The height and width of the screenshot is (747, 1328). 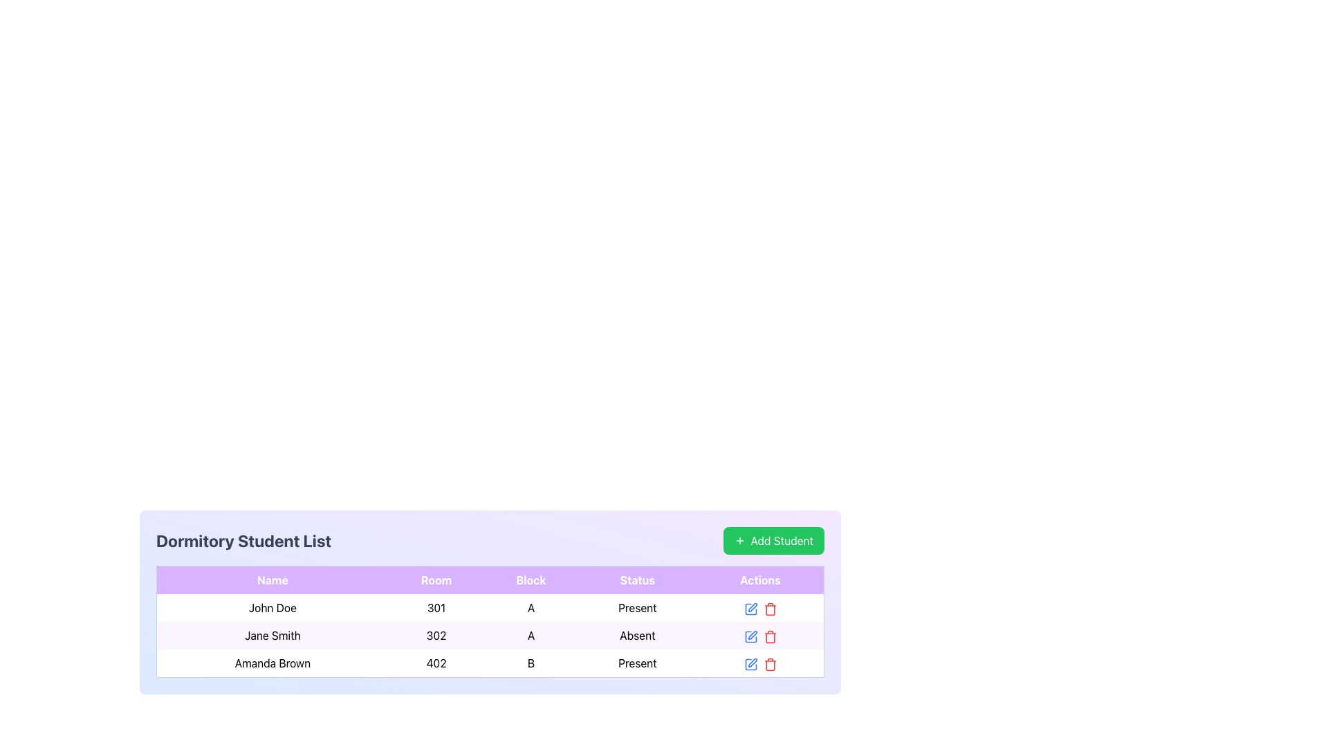 I want to click on the pen icon button in the 'Actions' column of the last row representing Amanda Brown, so click(x=750, y=663).